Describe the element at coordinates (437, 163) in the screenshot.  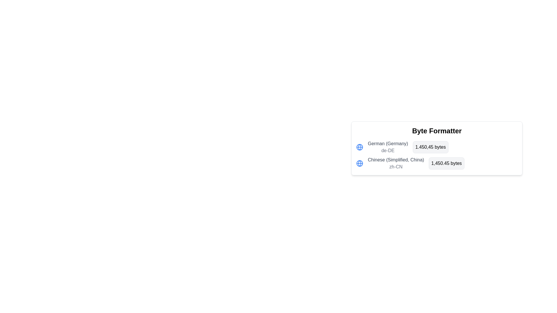
I see `the list item displaying information about 'Chinese (Simplified, China)'` at that location.